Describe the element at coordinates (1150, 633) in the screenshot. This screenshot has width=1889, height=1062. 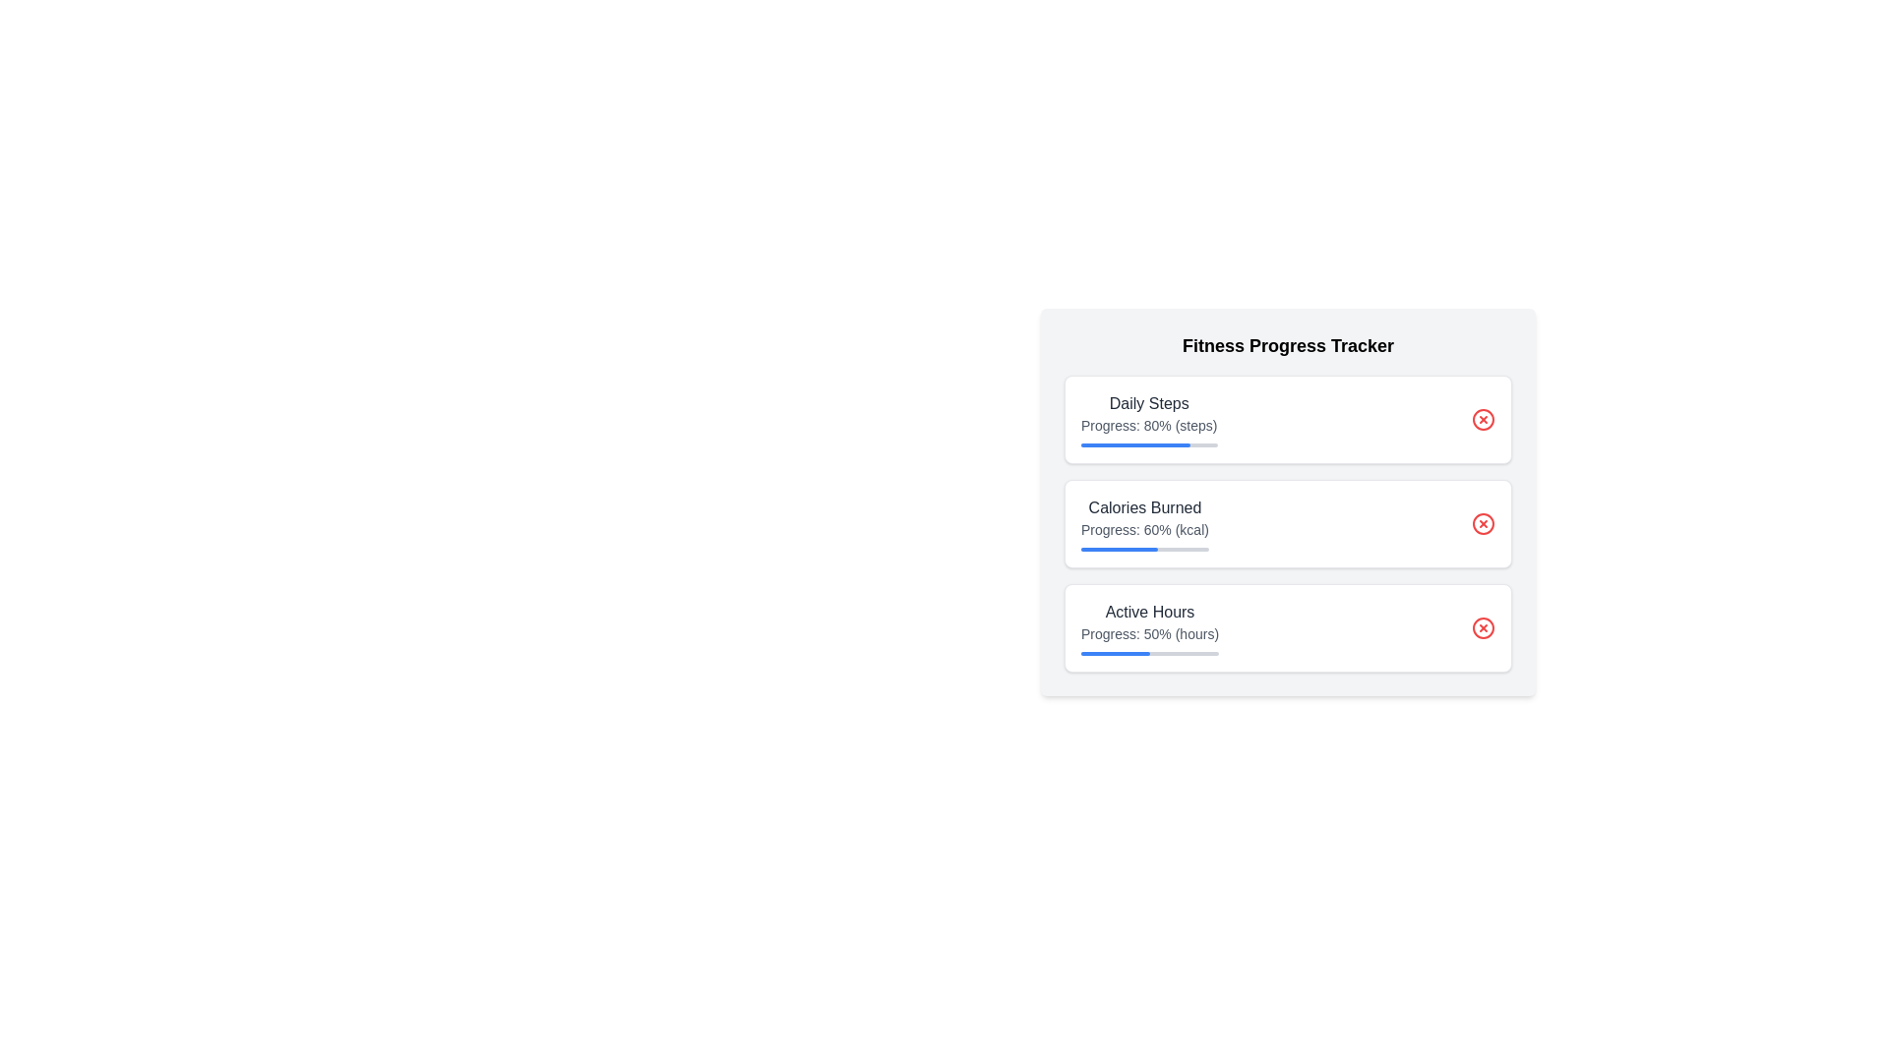
I see `the text label indicating 'Progress: 50% (hours)' located below 'Active Hours' in the 'Fitness Progress Tracker' section` at that location.